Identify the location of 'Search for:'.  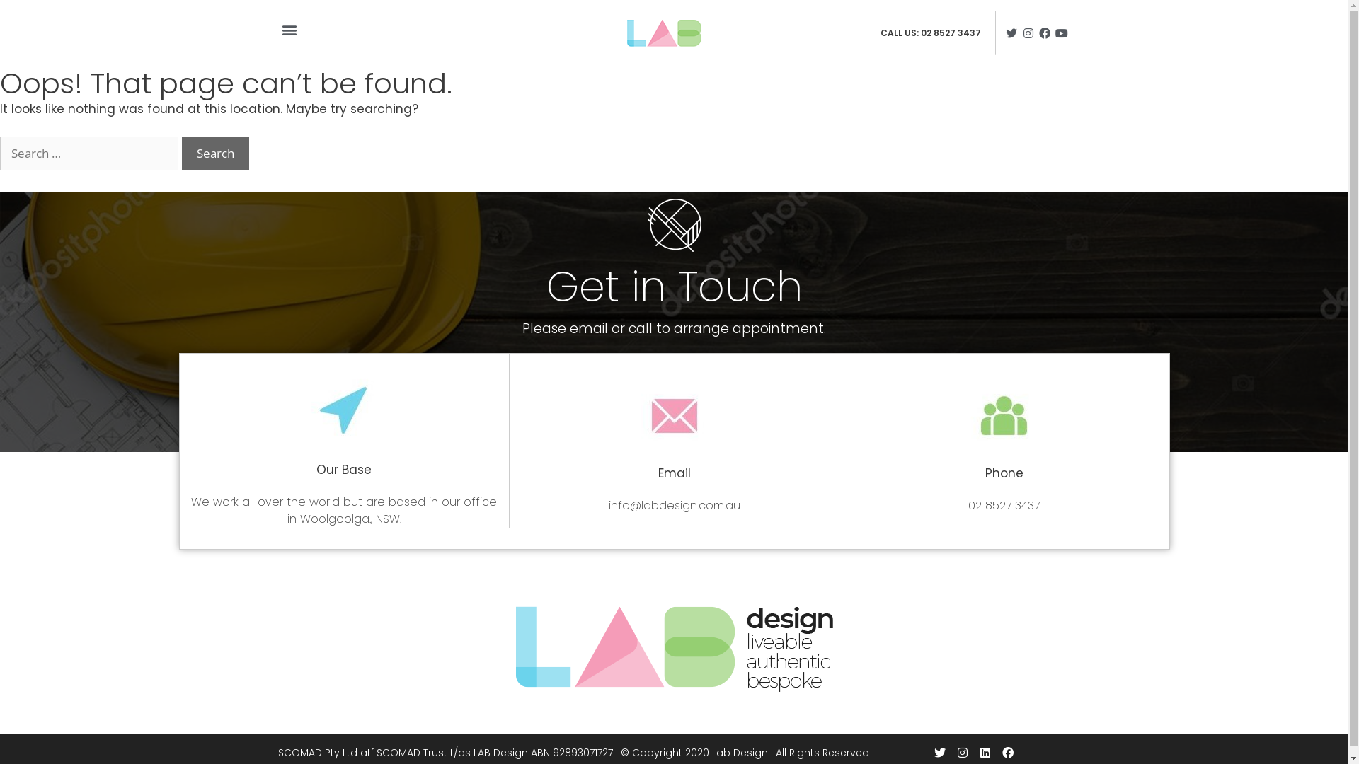
(0, 153).